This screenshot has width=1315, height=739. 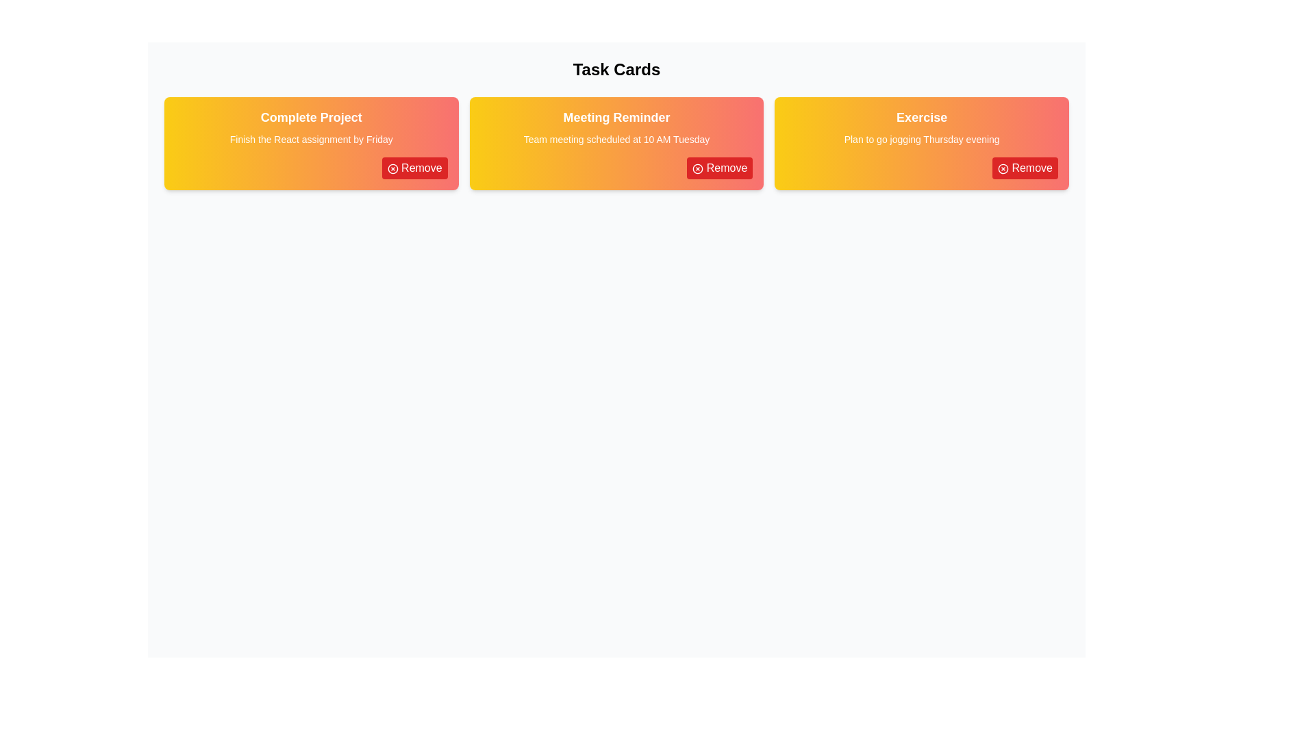 I want to click on 'Remove' button for the card titled 'Meeting Reminder', so click(x=719, y=168).